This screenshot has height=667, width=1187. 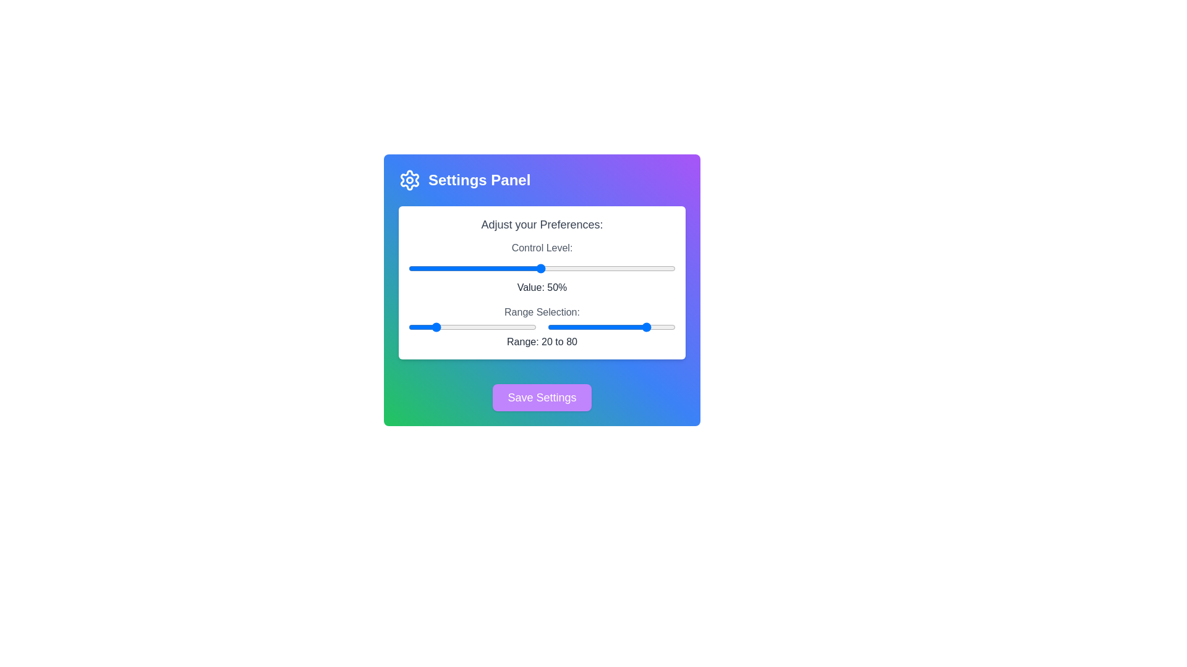 What do you see at coordinates (488, 326) in the screenshot?
I see `the slider` at bounding box center [488, 326].